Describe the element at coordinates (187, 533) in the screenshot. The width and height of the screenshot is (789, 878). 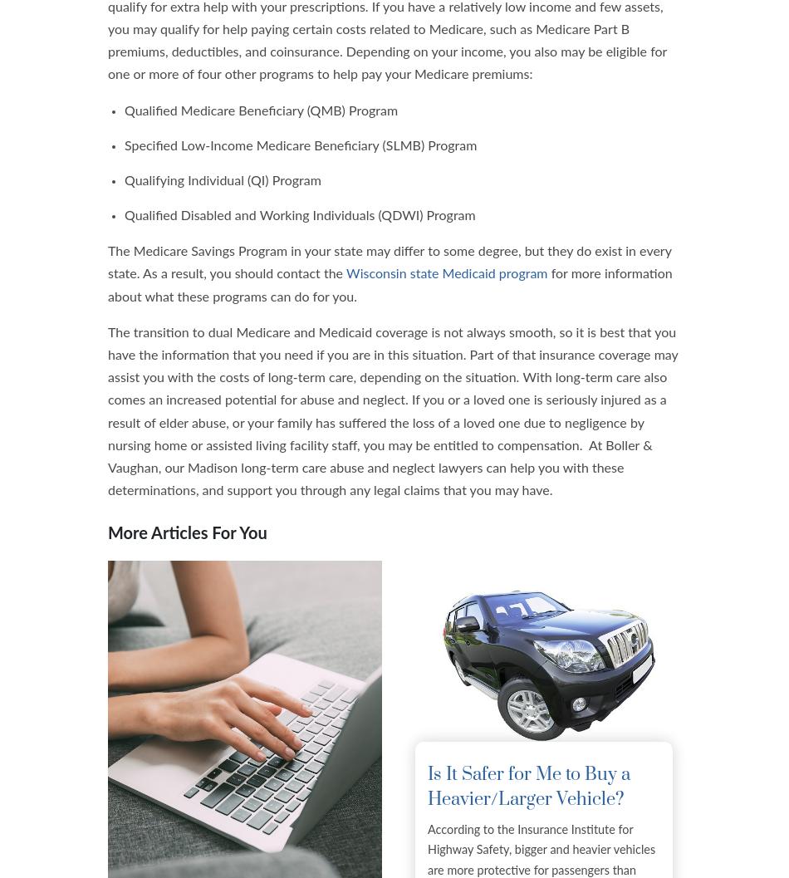
I see `'More Articles For You'` at that location.